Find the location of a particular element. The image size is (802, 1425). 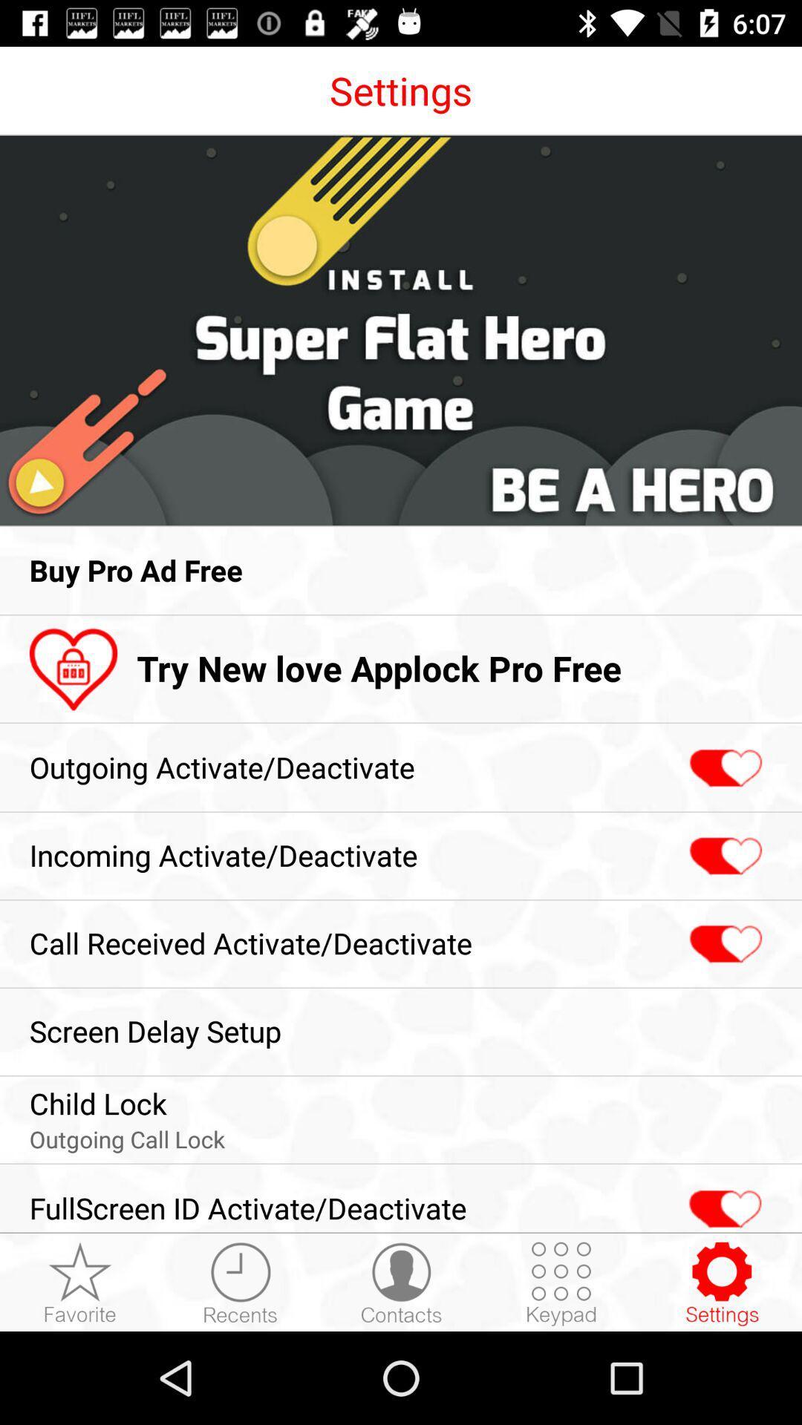

the avatar icon is located at coordinates (401, 1282).